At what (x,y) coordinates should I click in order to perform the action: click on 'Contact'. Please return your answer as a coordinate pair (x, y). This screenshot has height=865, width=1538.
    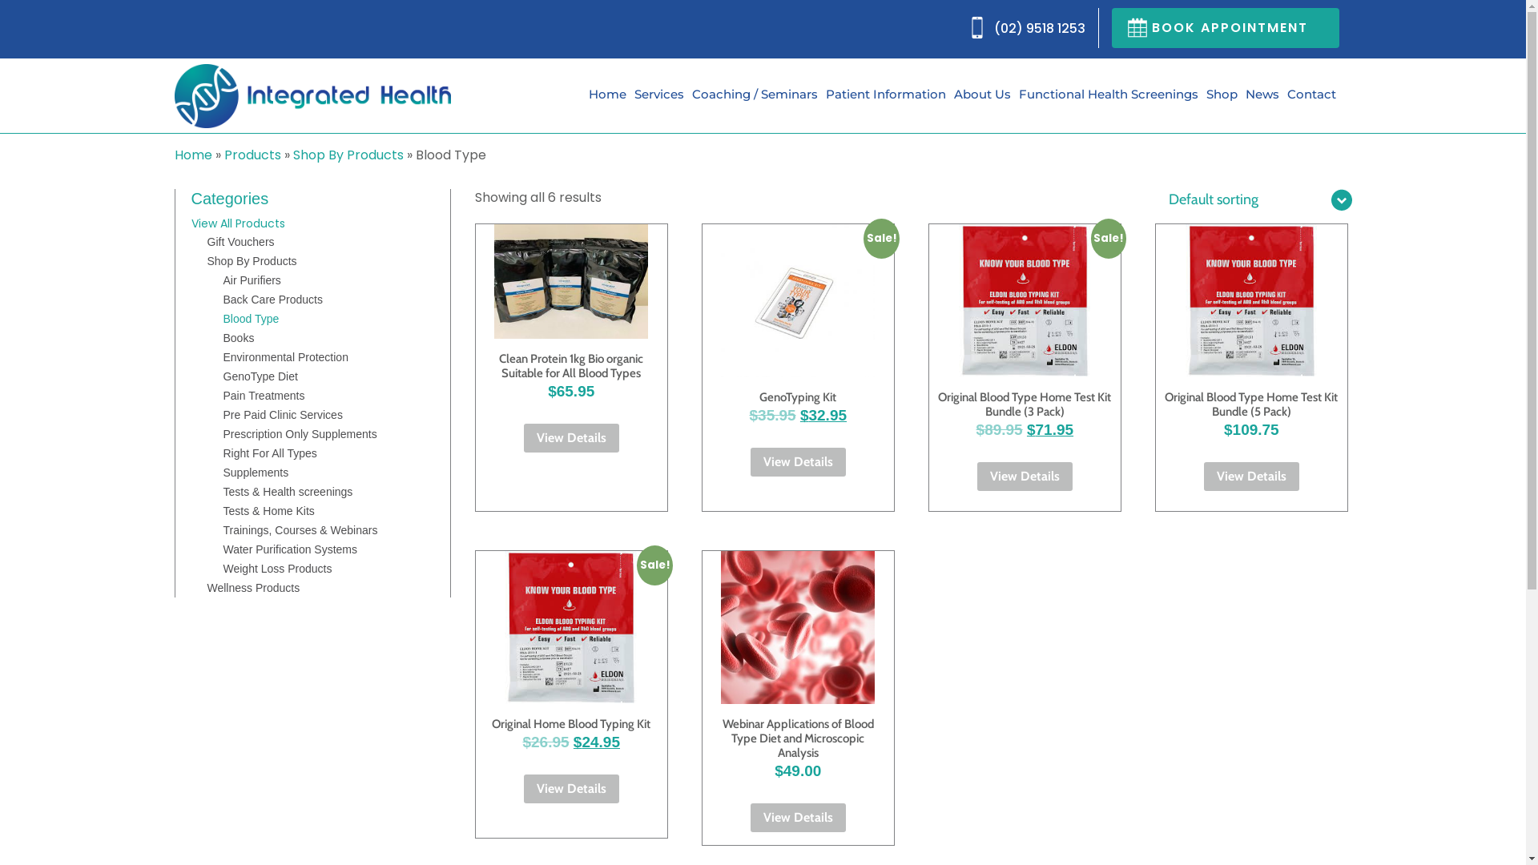
    Looking at the image, I should click on (1311, 95).